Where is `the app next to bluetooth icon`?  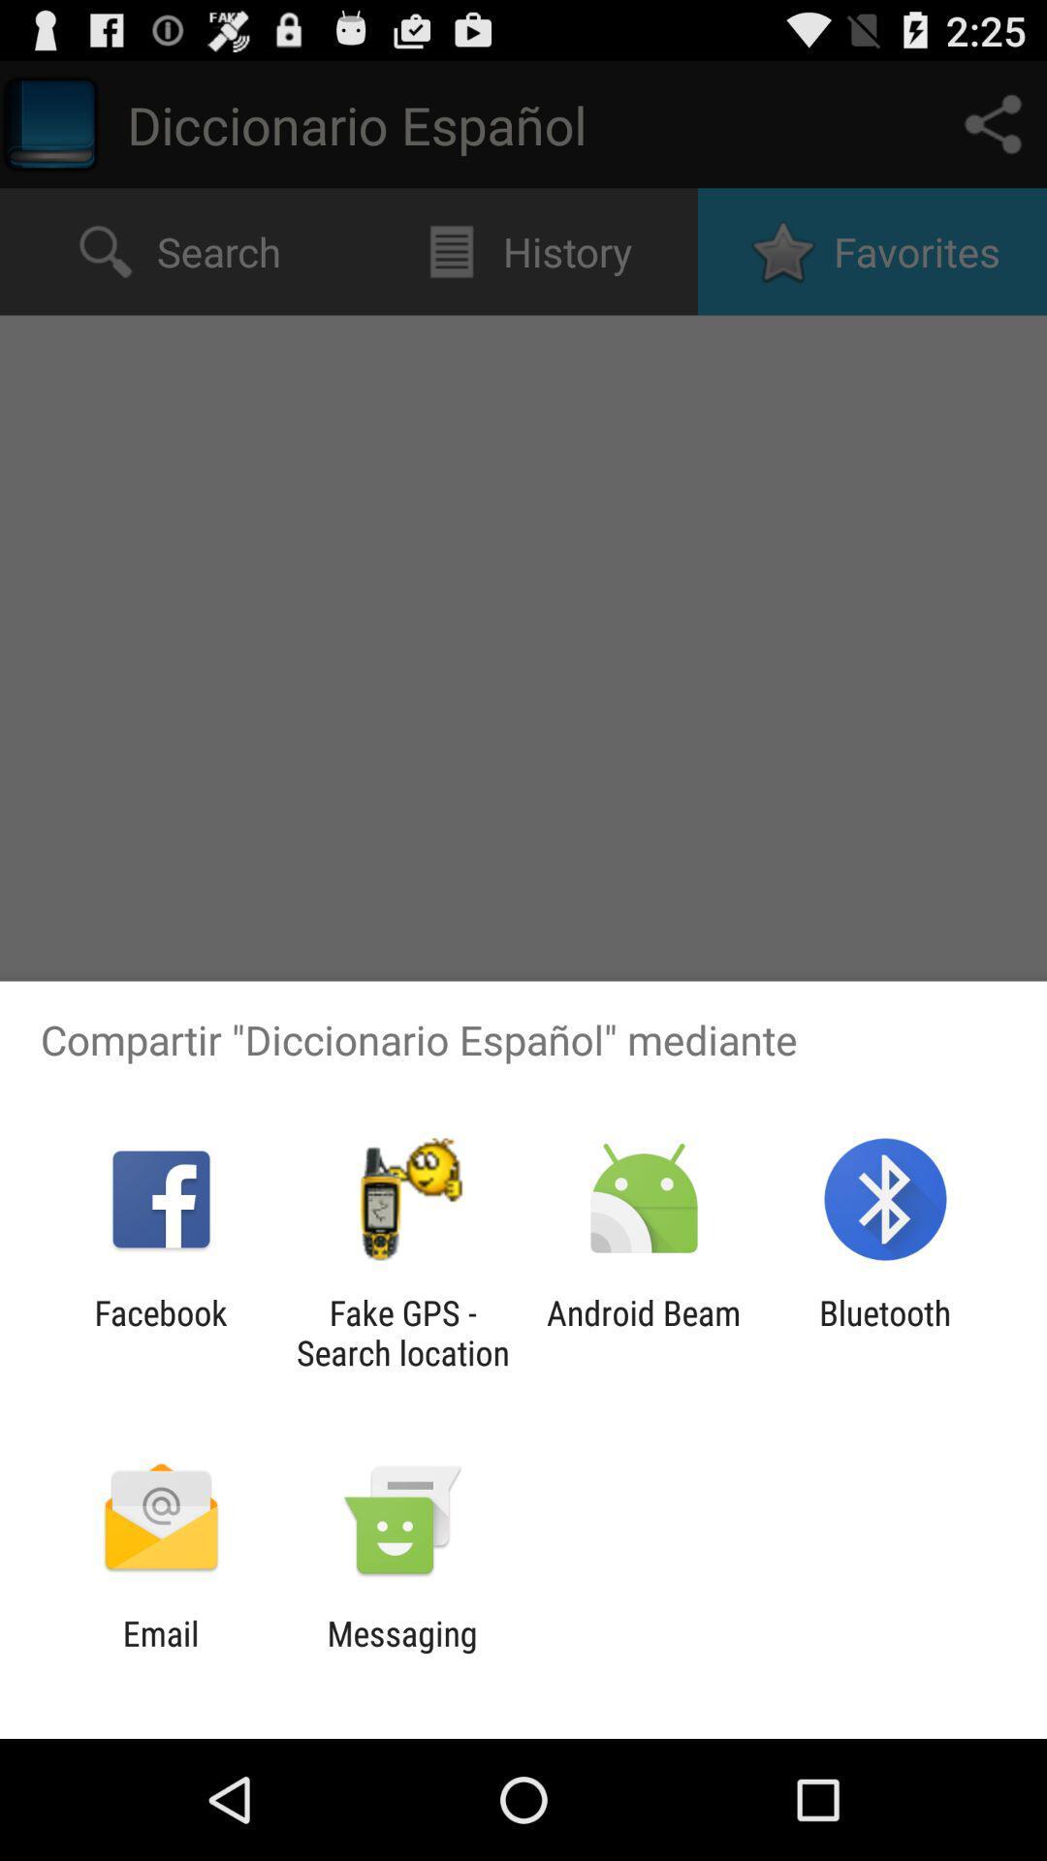 the app next to bluetooth icon is located at coordinates (644, 1332).